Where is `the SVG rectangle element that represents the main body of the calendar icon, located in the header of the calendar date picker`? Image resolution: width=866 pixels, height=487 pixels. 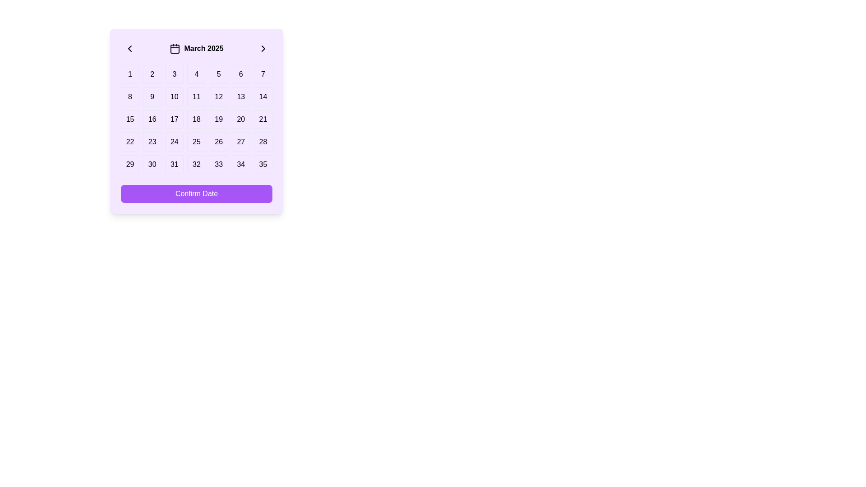
the SVG rectangle element that represents the main body of the calendar icon, located in the header of the calendar date picker is located at coordinates (175, 49).